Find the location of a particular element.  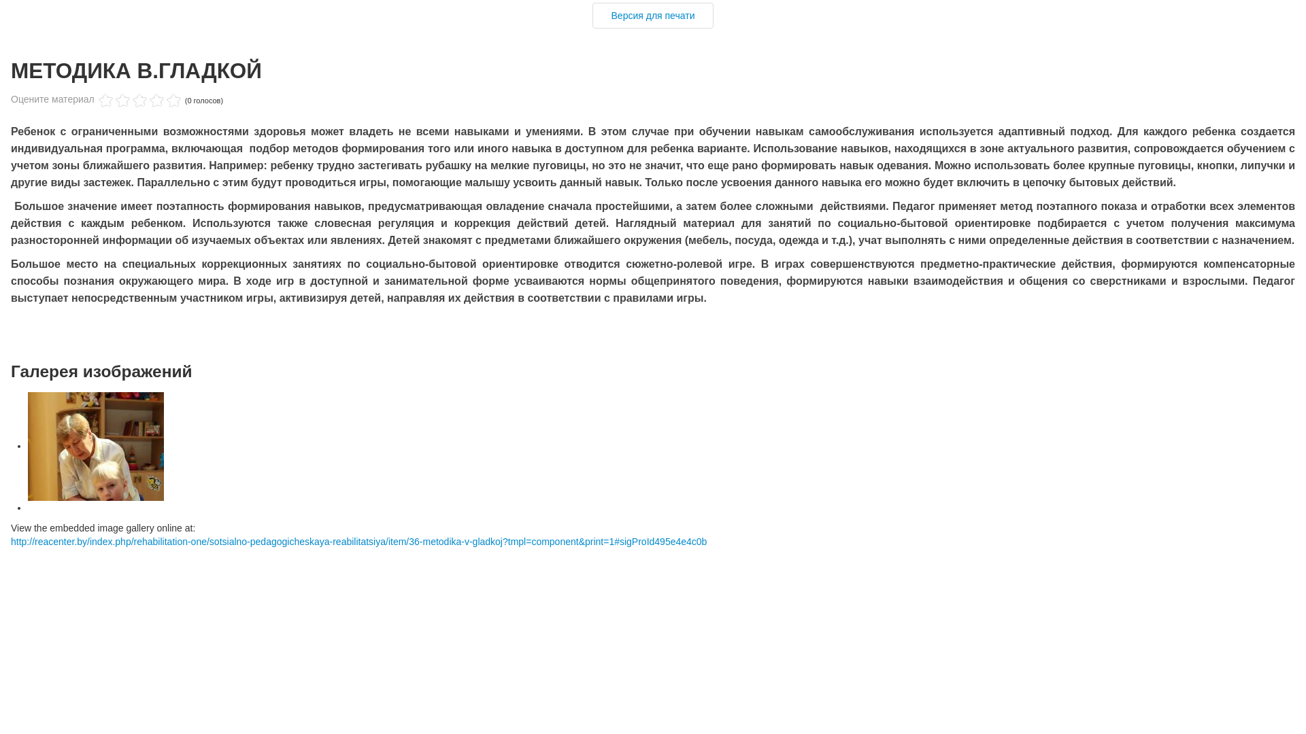

'Click to enlarge image 2L4A0526n.jpg' is located at coordinates (95, 446).